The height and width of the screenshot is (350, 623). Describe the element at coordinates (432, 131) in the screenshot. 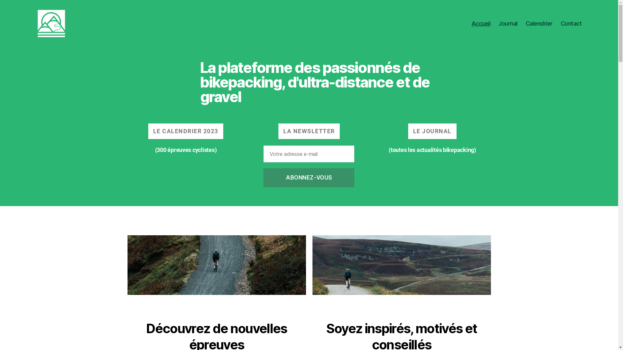

I see `'LE JOURNAL'` at that location.